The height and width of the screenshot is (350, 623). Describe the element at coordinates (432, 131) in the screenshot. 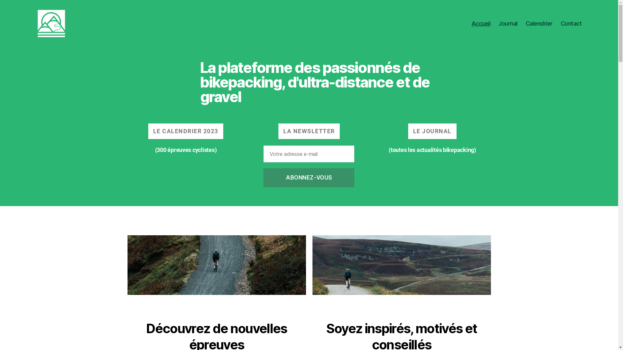

I see `'LE JOURNAL'` at that location.